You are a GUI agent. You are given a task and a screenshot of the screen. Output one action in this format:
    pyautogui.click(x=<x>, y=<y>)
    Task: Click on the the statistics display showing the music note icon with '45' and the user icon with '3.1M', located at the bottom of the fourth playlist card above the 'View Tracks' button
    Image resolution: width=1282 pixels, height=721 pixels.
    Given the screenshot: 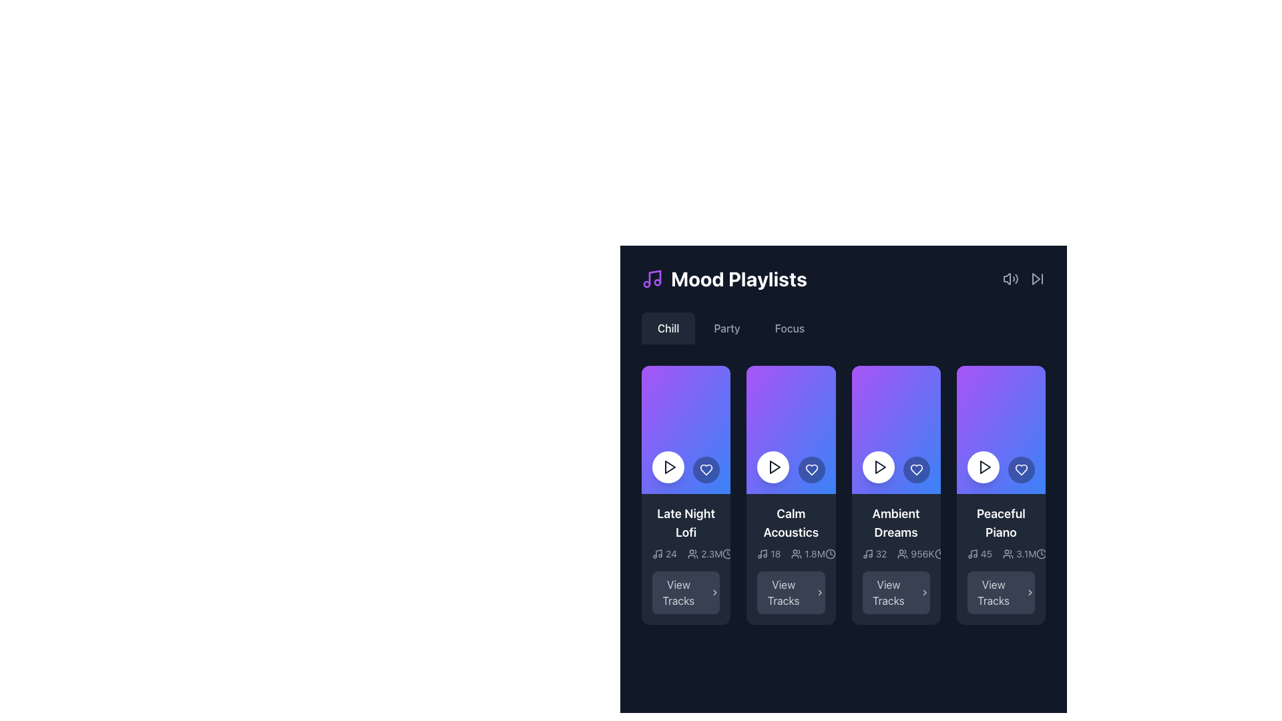 What is the action you would take?
    pyautogui.click(x=1002, y=553)
    